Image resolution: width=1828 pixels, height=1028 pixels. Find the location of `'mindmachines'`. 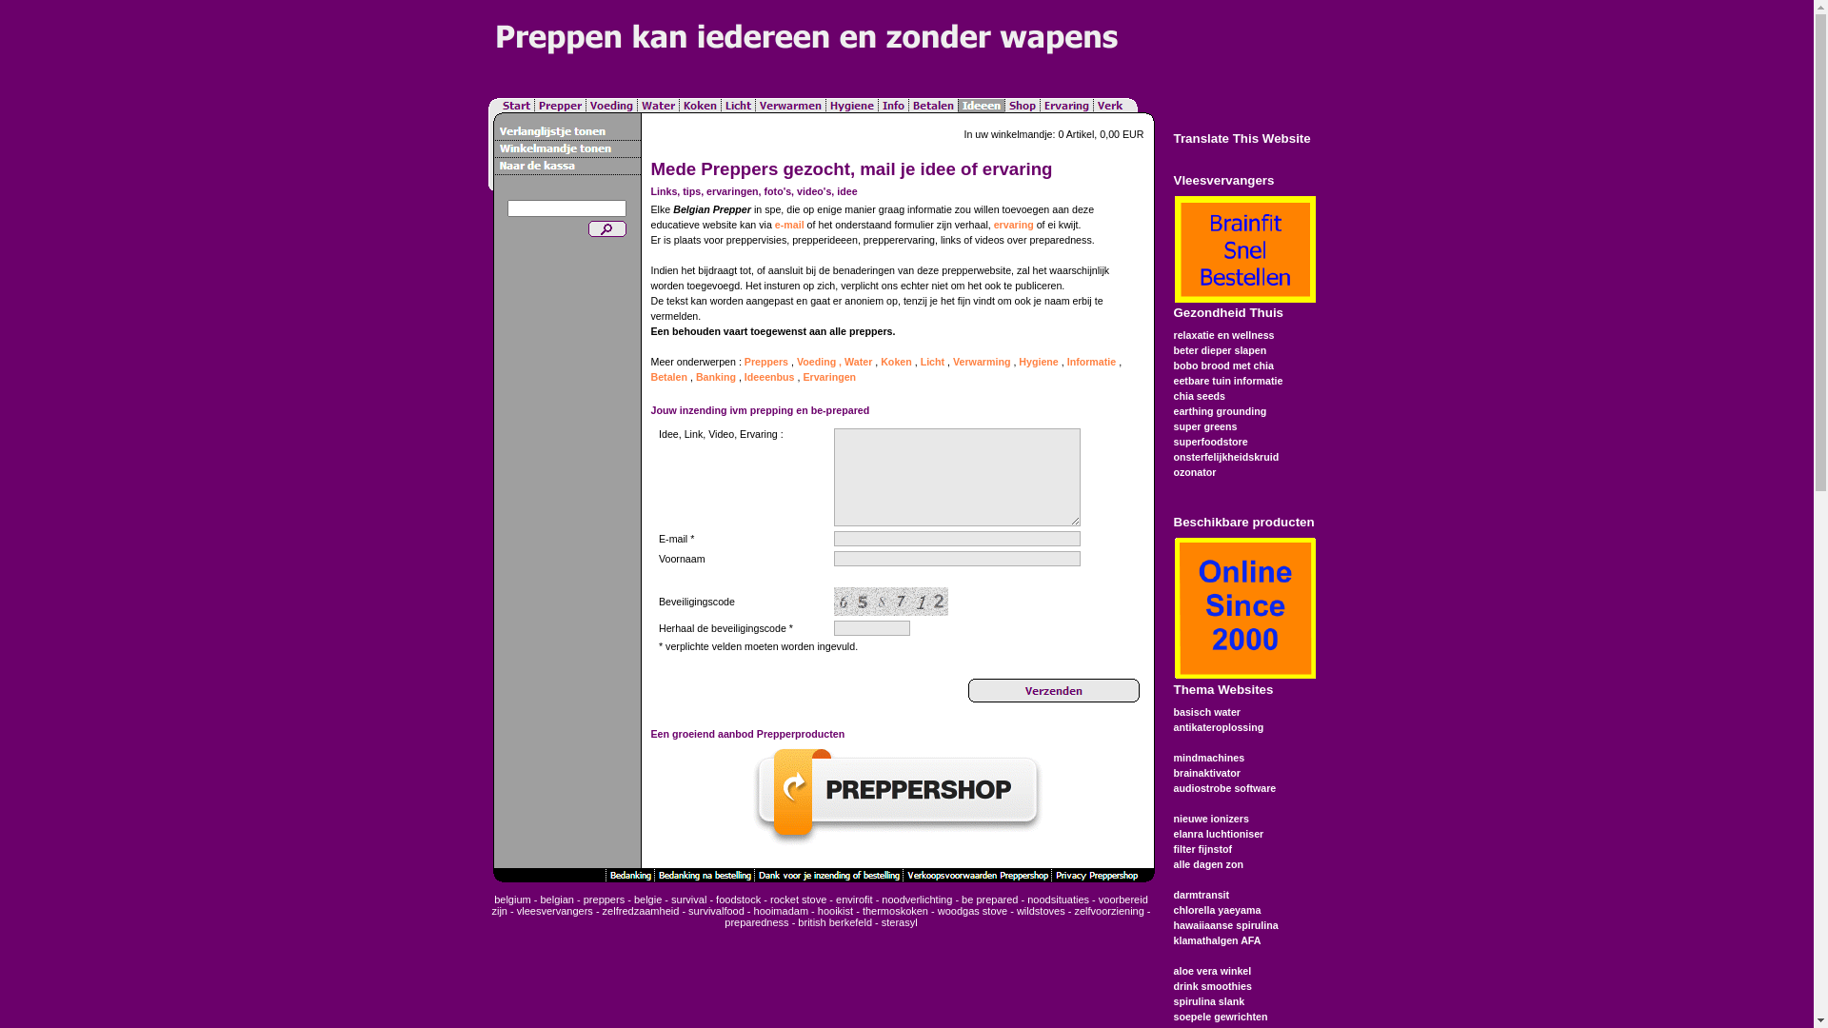

'mindmachines' is located at coordinates (1207, 756).